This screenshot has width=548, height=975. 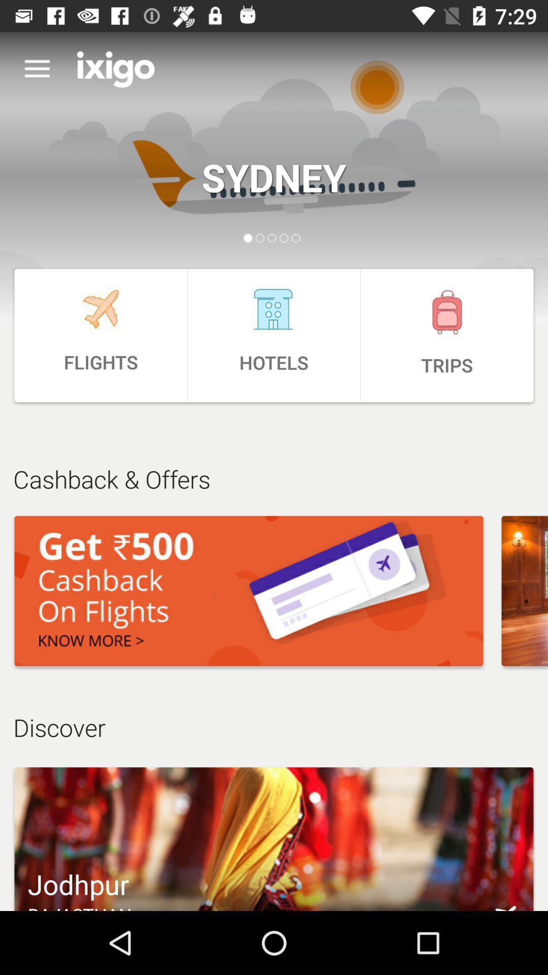 I want to click on the icon above the cashback & offers, so click(x=274, y=335).